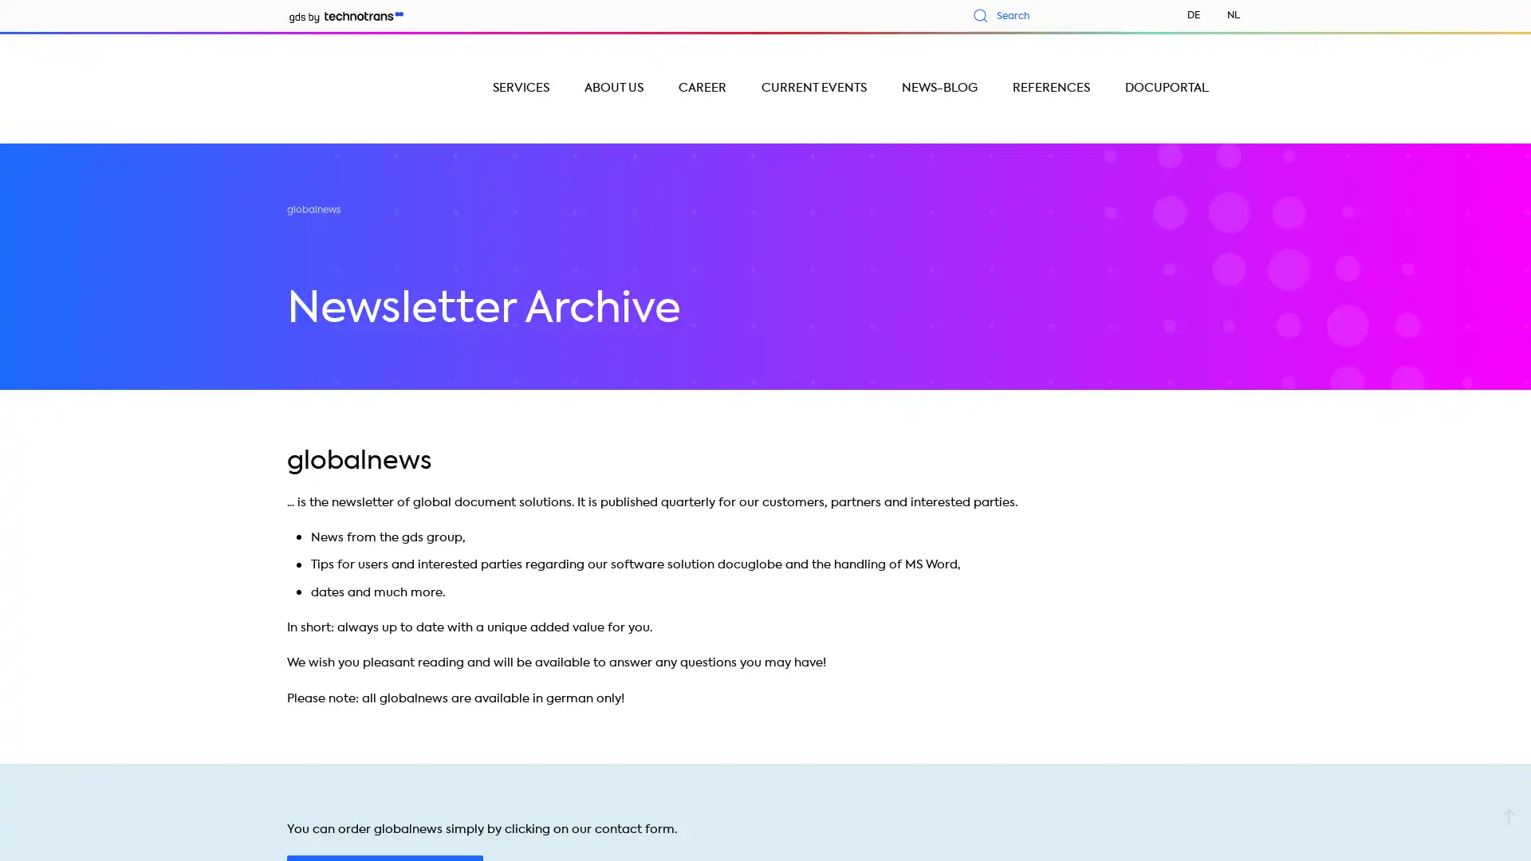 Image resolution: width=1531 pixels, height=861 pixels. Describe the element at coordinates (805, 805) in the screenshot. I see `ACCEPT` at that location.